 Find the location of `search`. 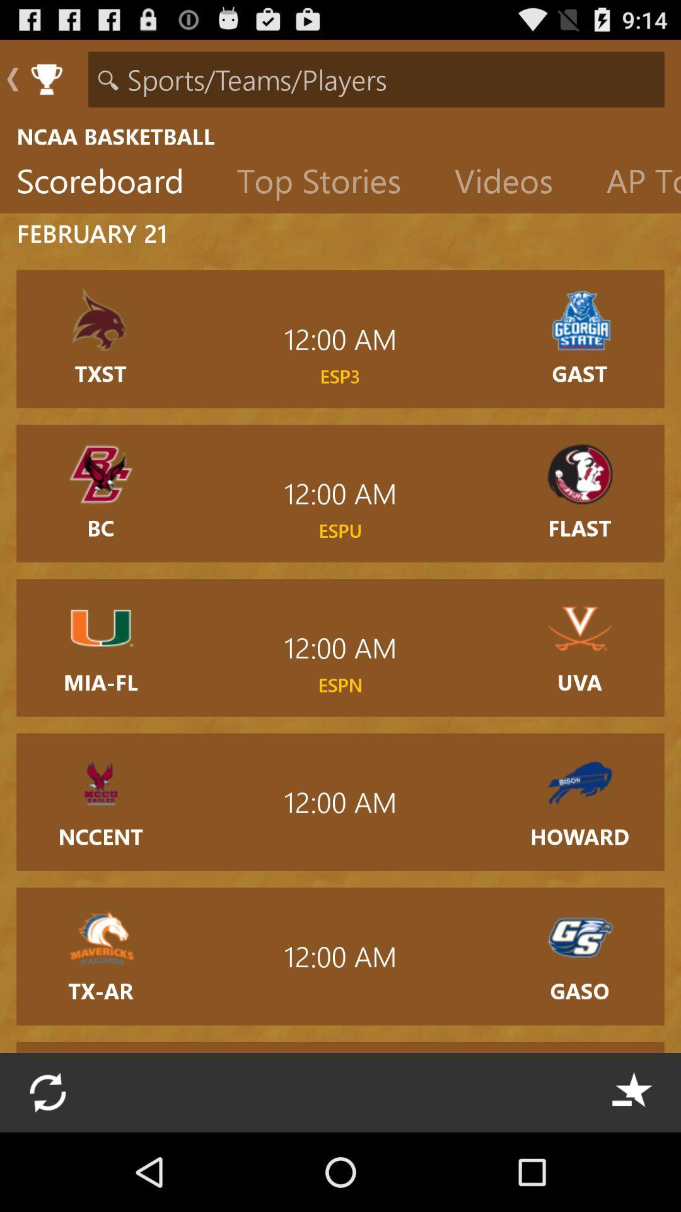

search is located at coordinates (376, 78).